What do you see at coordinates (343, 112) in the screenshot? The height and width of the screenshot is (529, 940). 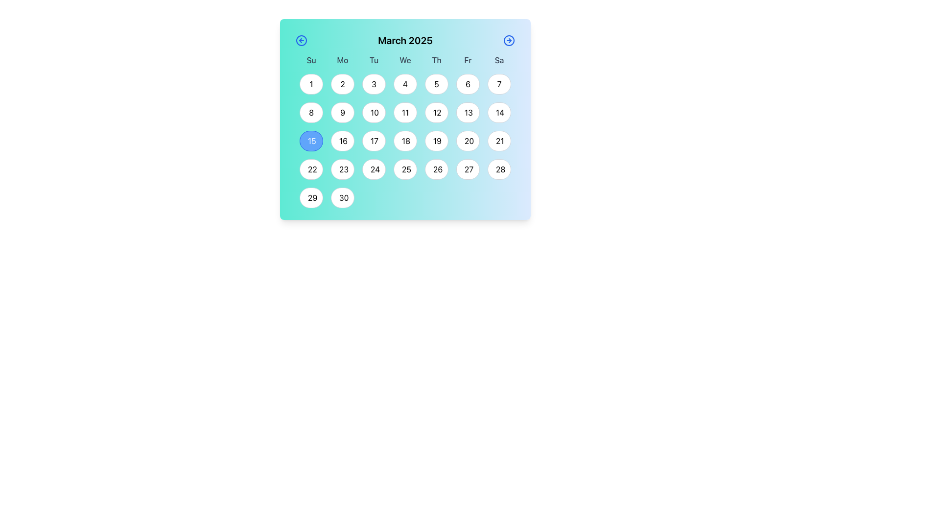 I see `the button representing the 9th day of the month in the calendar grid under the 'Mo' header` at bounding box center [343, 112].